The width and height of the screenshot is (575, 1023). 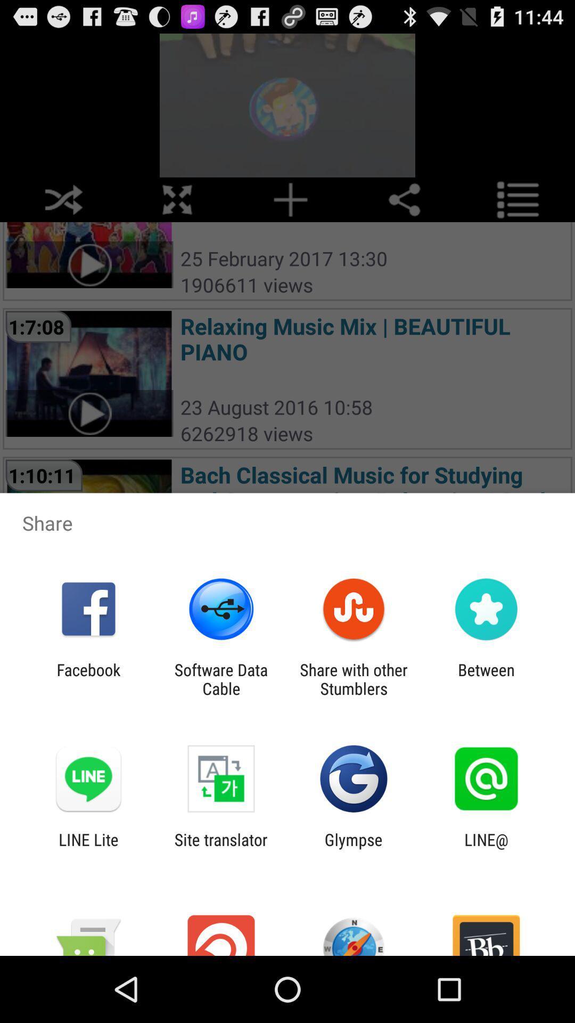 I want to click on between, so click(x=486, y=679).